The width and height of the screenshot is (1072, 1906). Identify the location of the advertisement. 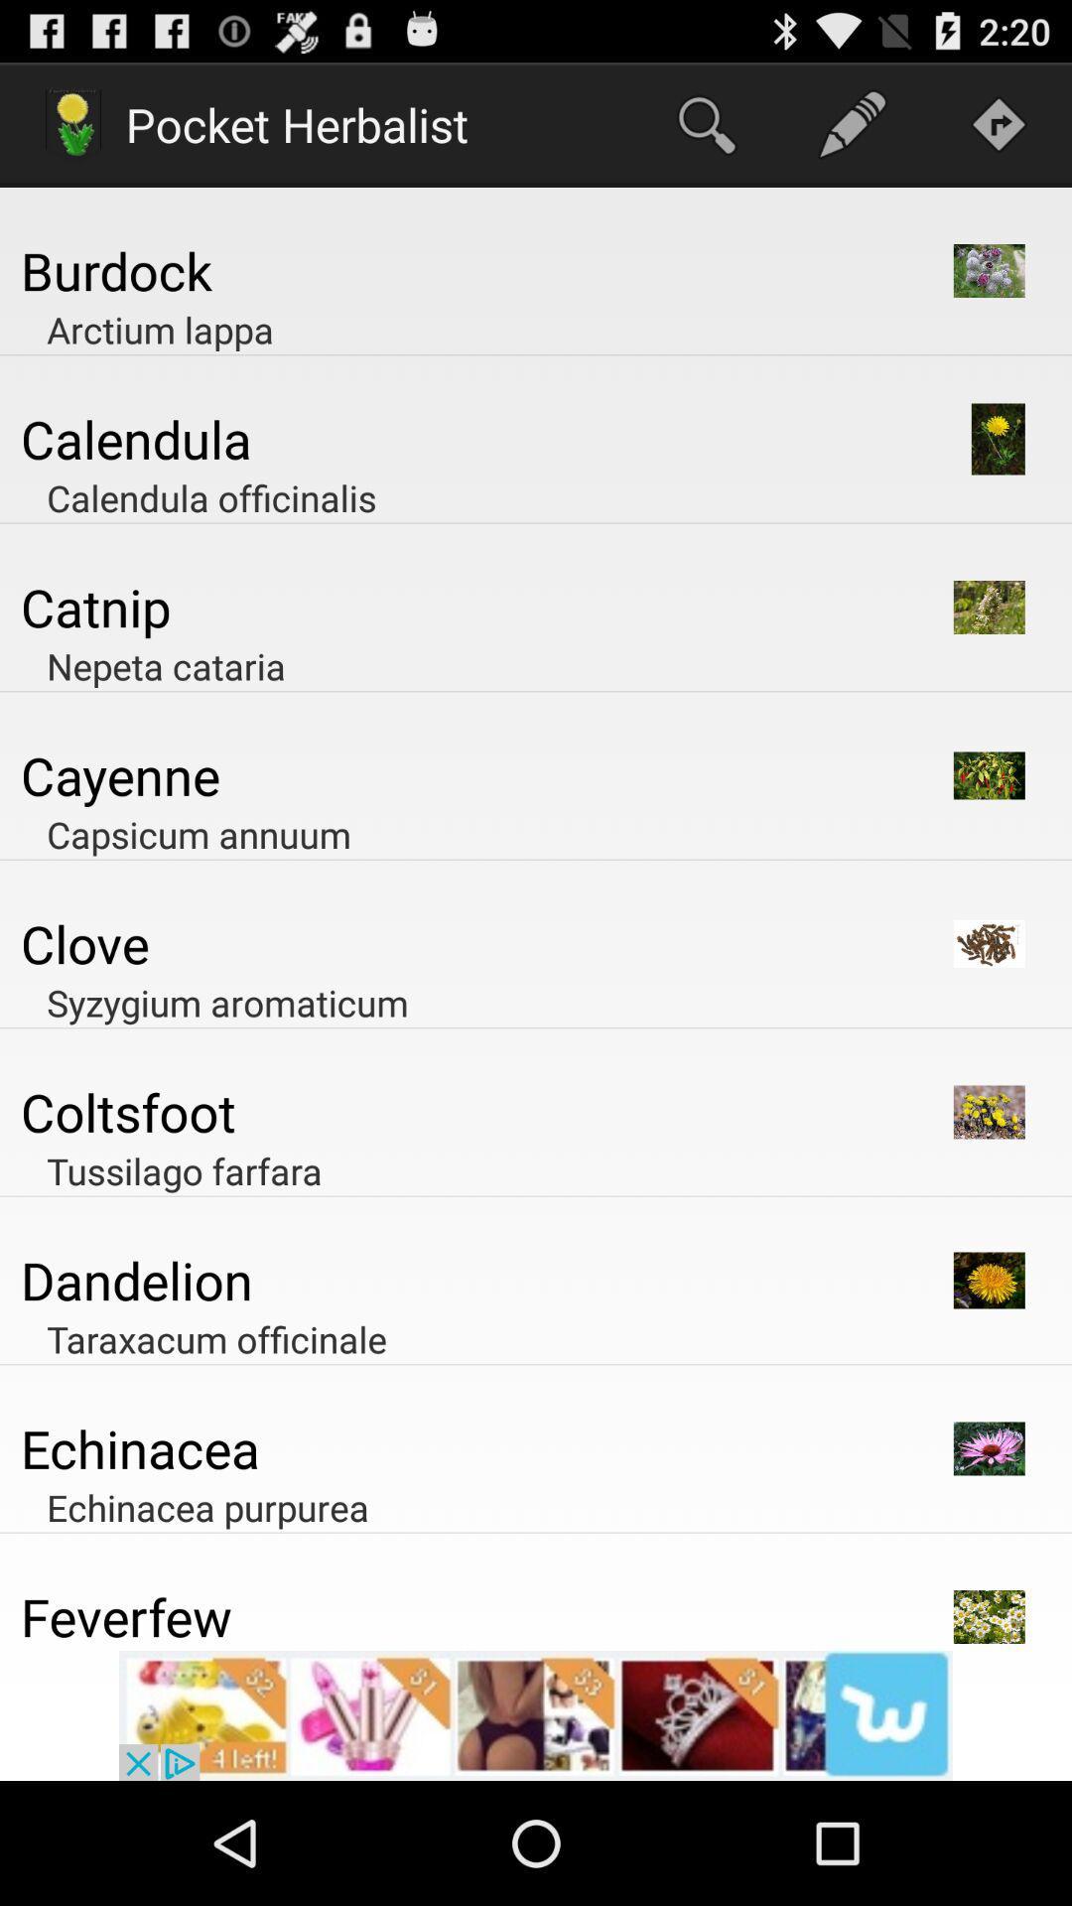
(536, 1714).